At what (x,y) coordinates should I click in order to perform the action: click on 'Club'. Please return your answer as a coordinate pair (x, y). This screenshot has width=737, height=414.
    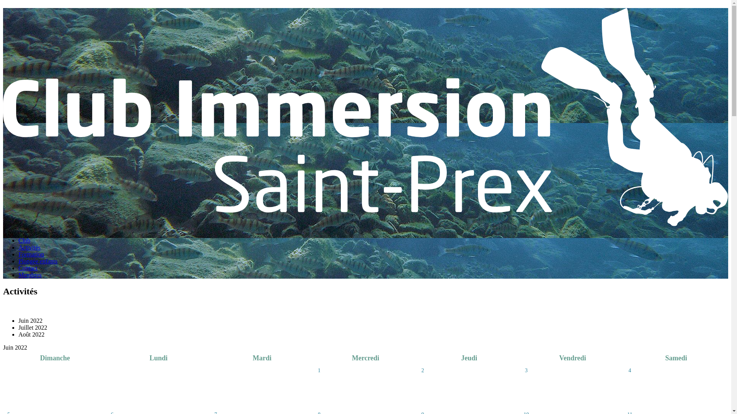
    Looking at the image, I should click on (24, 240).